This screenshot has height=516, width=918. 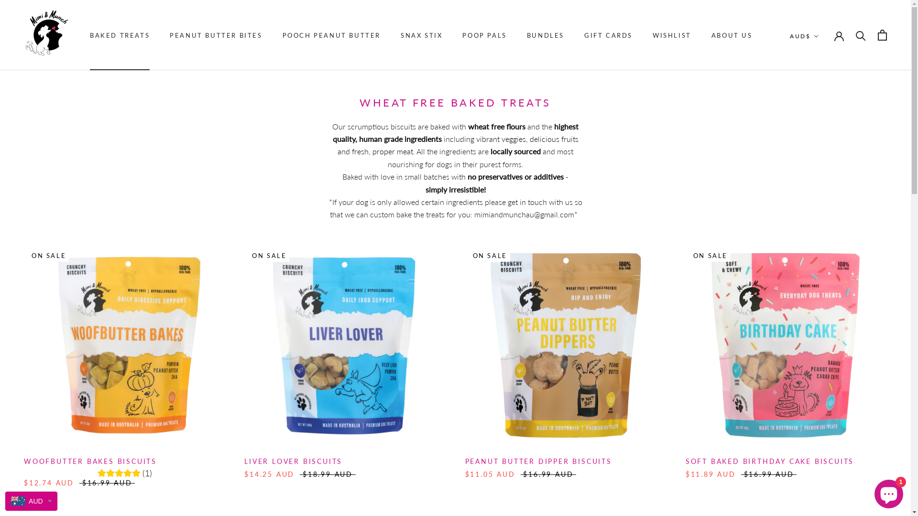 What do you see at coordinates (293, 461) in the screenshot?
I see `'LIVER LOVER BISCUITS'` at bounding box center [293, 461].